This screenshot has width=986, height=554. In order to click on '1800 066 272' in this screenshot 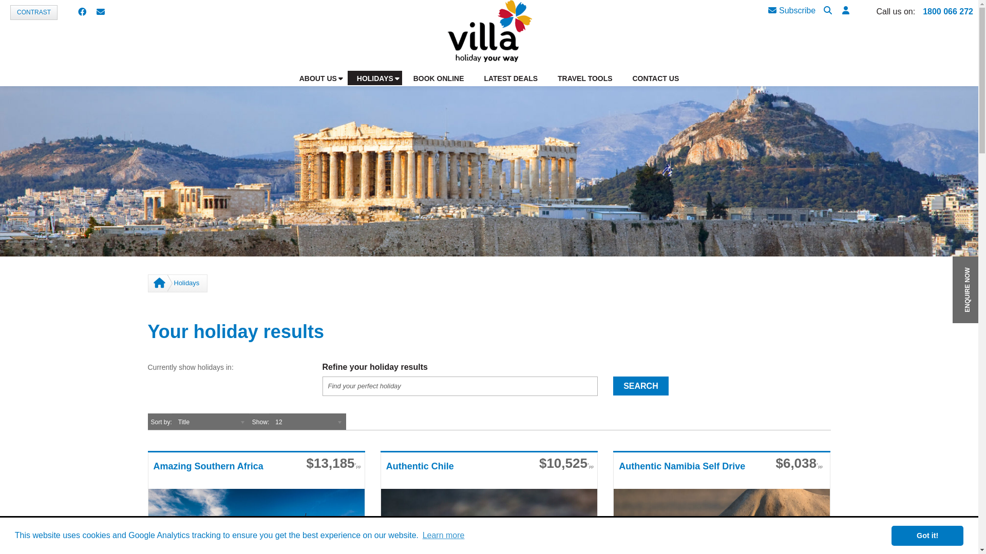, I will do `click(947, 11)`.